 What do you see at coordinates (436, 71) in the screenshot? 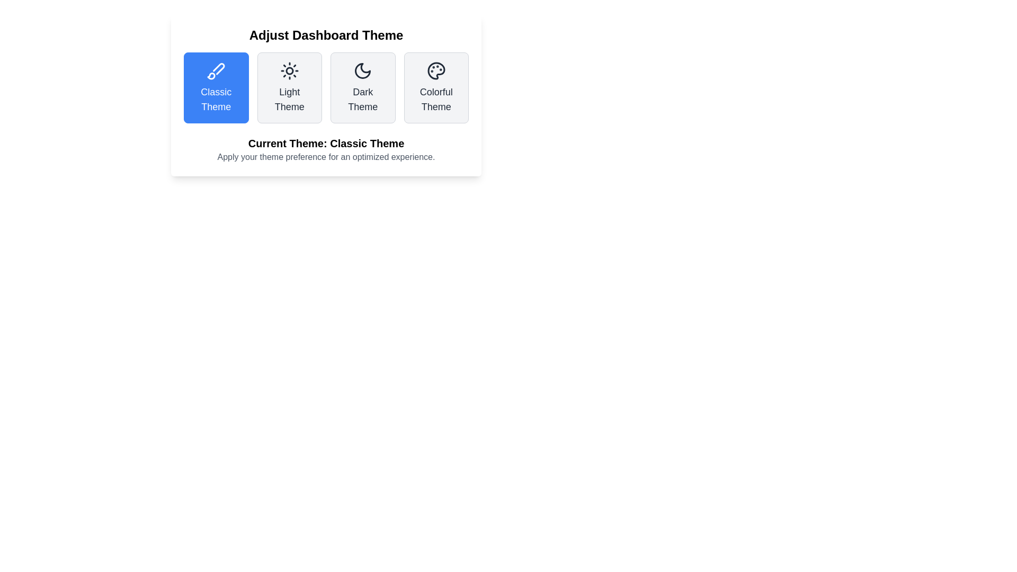
I see `the palette icon within the fourth button of the theme options` at bounding box center [436, 71].